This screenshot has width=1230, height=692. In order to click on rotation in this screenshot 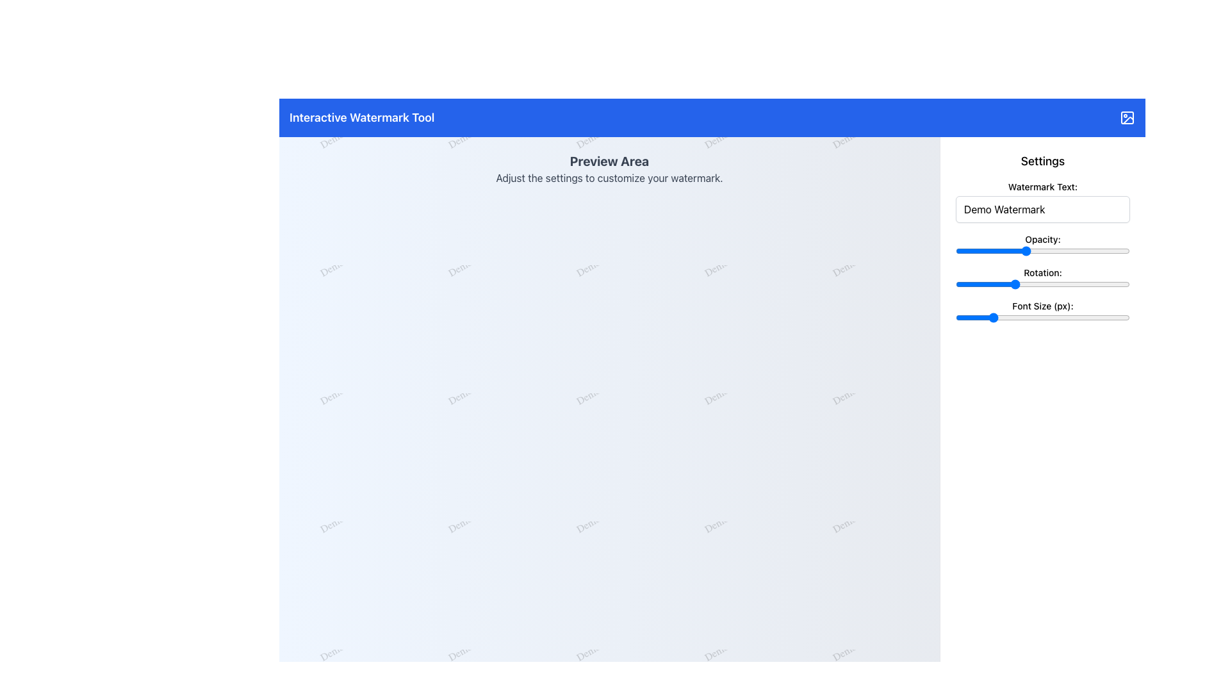, I will do `click(1040, 283)`.